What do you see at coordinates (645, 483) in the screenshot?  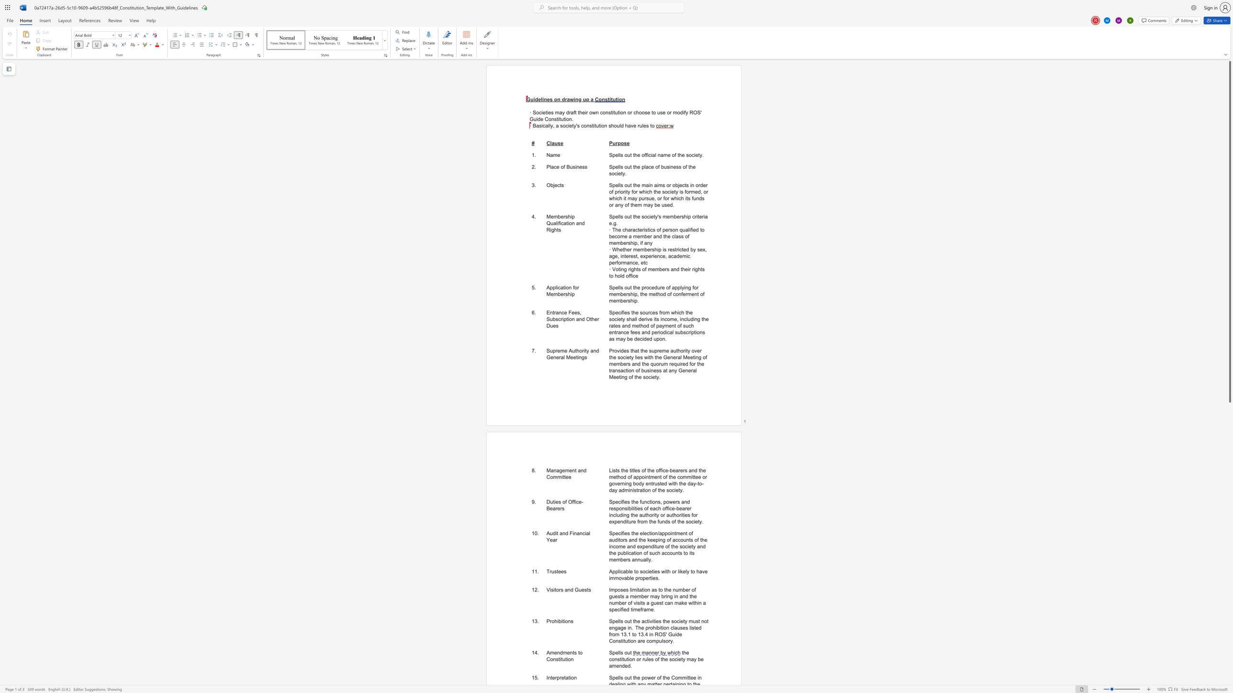 I see `the subset text "entrusted with the day-to-da" within the text "Lists the titles of the office-bearers and the method of appointment of the committee or governing body entrusted with the day-to-day administration of the society."` at bounding box center [645, 483].